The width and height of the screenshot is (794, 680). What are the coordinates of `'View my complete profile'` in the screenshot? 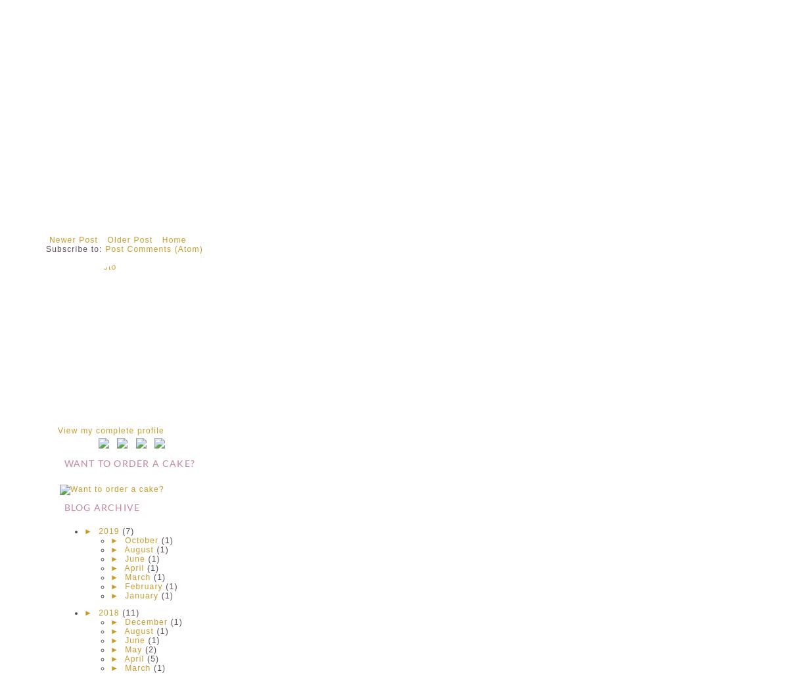 It's located at (110, 431).